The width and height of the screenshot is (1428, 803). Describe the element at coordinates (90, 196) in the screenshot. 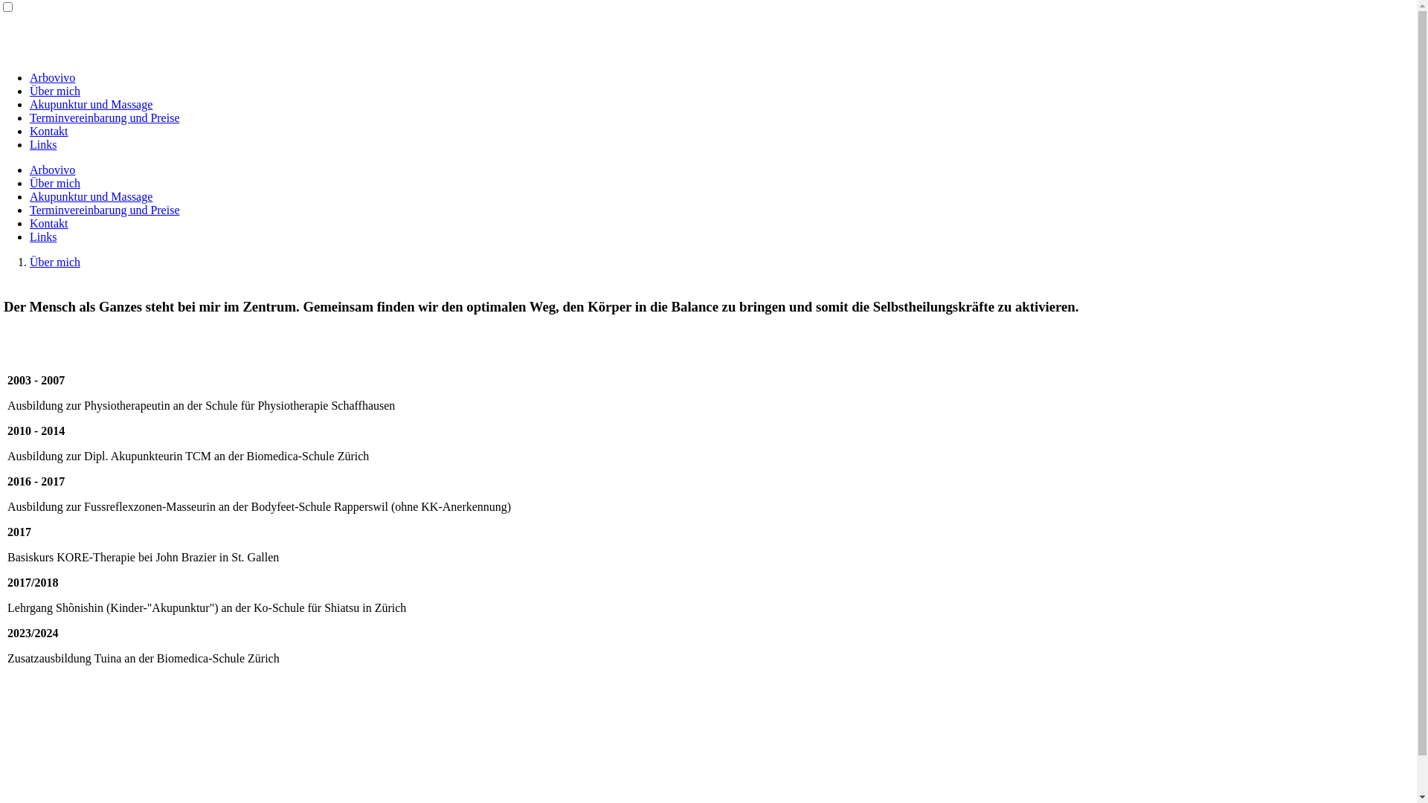

I see `'Akupunktur und Massage'` at that location.